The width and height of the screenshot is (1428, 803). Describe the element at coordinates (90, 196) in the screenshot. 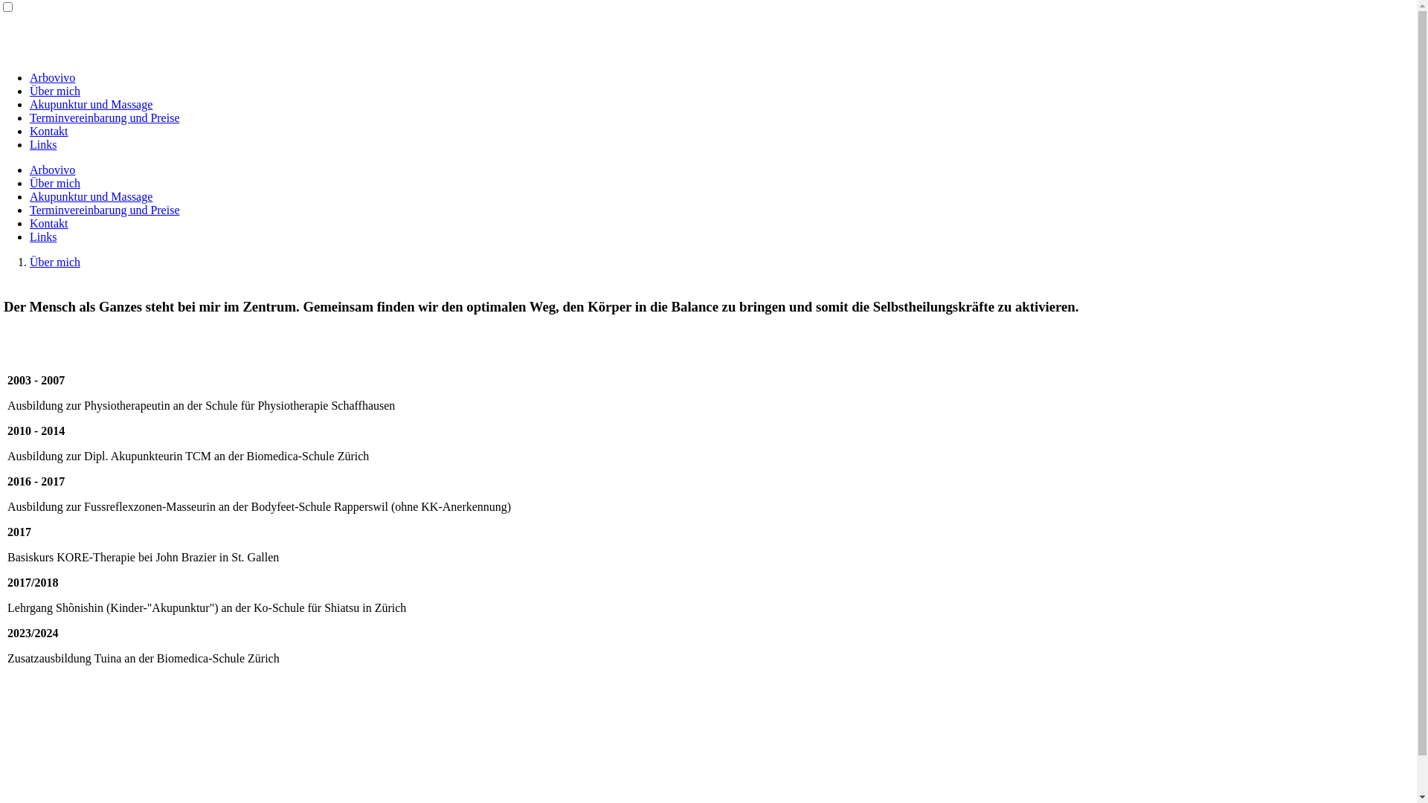

I see `'Akupunktur und Massage'` at that location.